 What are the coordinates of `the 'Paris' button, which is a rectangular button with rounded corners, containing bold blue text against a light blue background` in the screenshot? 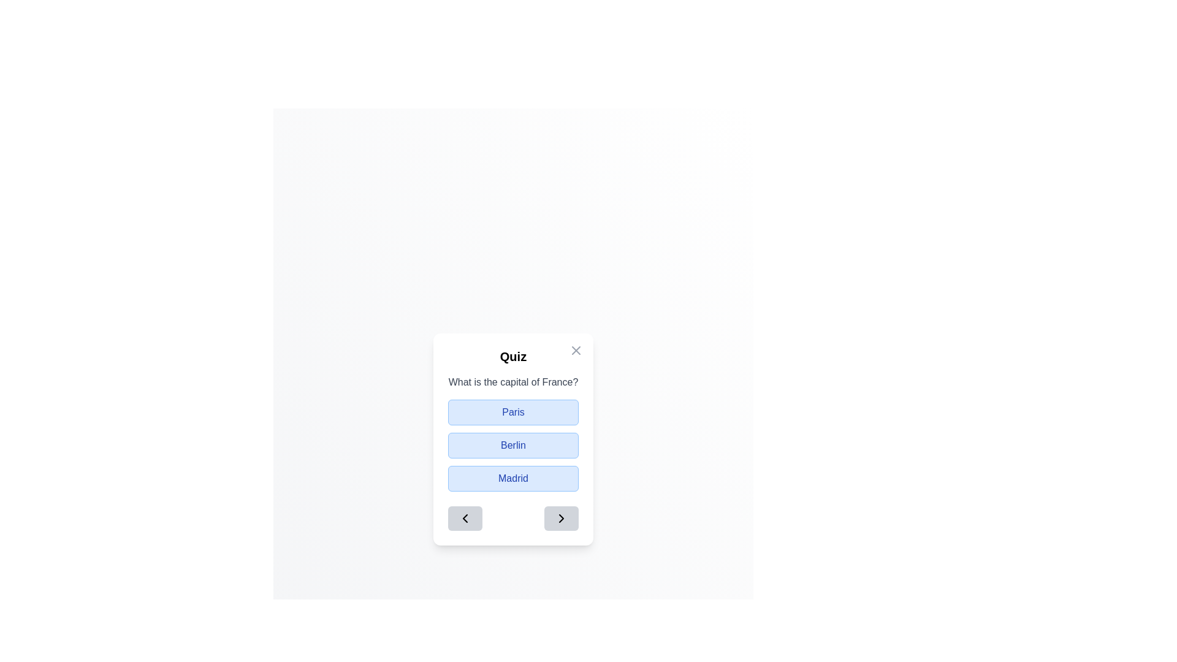 It's located at (513, 412).